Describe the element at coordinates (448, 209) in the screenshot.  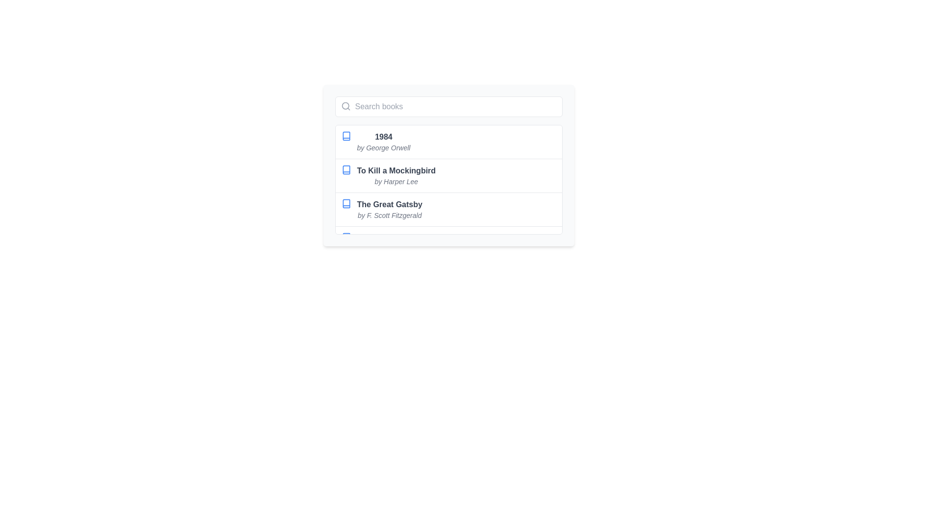
I see `the book entry titled 'The Great Gatsby'` at that location.